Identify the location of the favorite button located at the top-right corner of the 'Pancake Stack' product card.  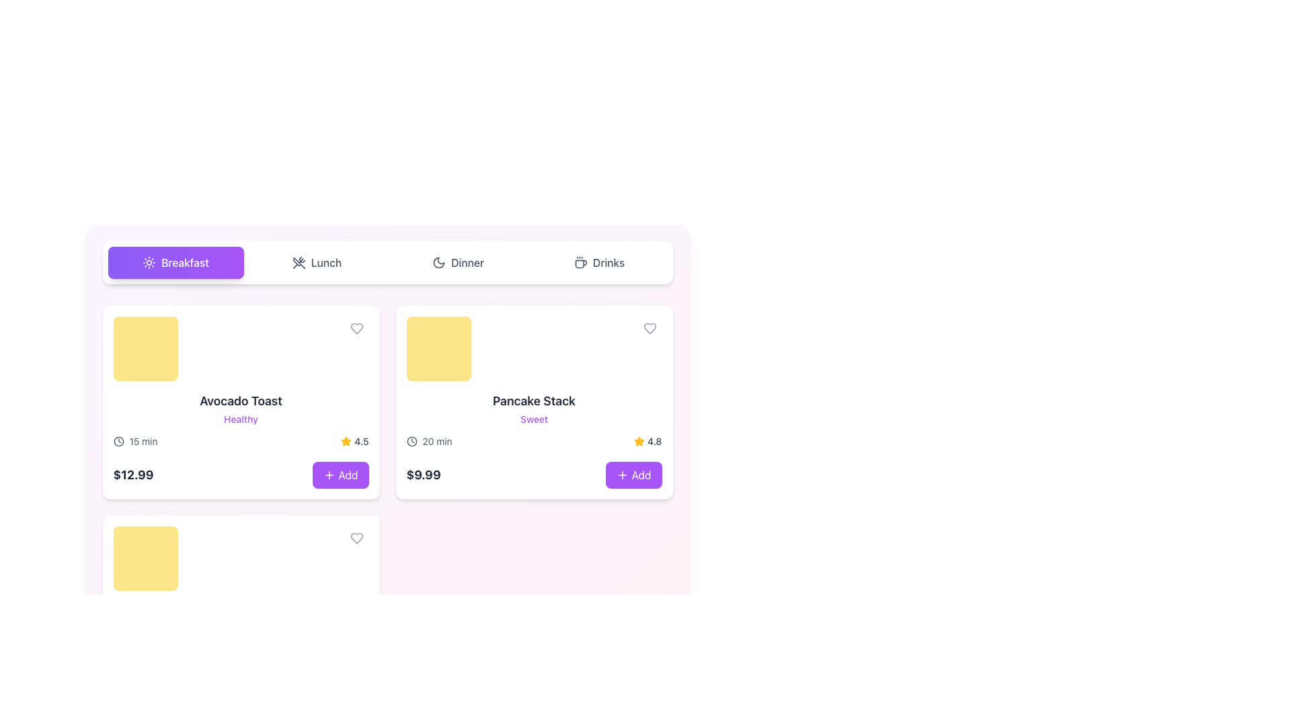
(650, 329).